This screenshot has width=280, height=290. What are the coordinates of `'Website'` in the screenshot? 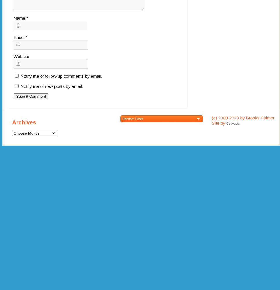 It's located at (21, 56).